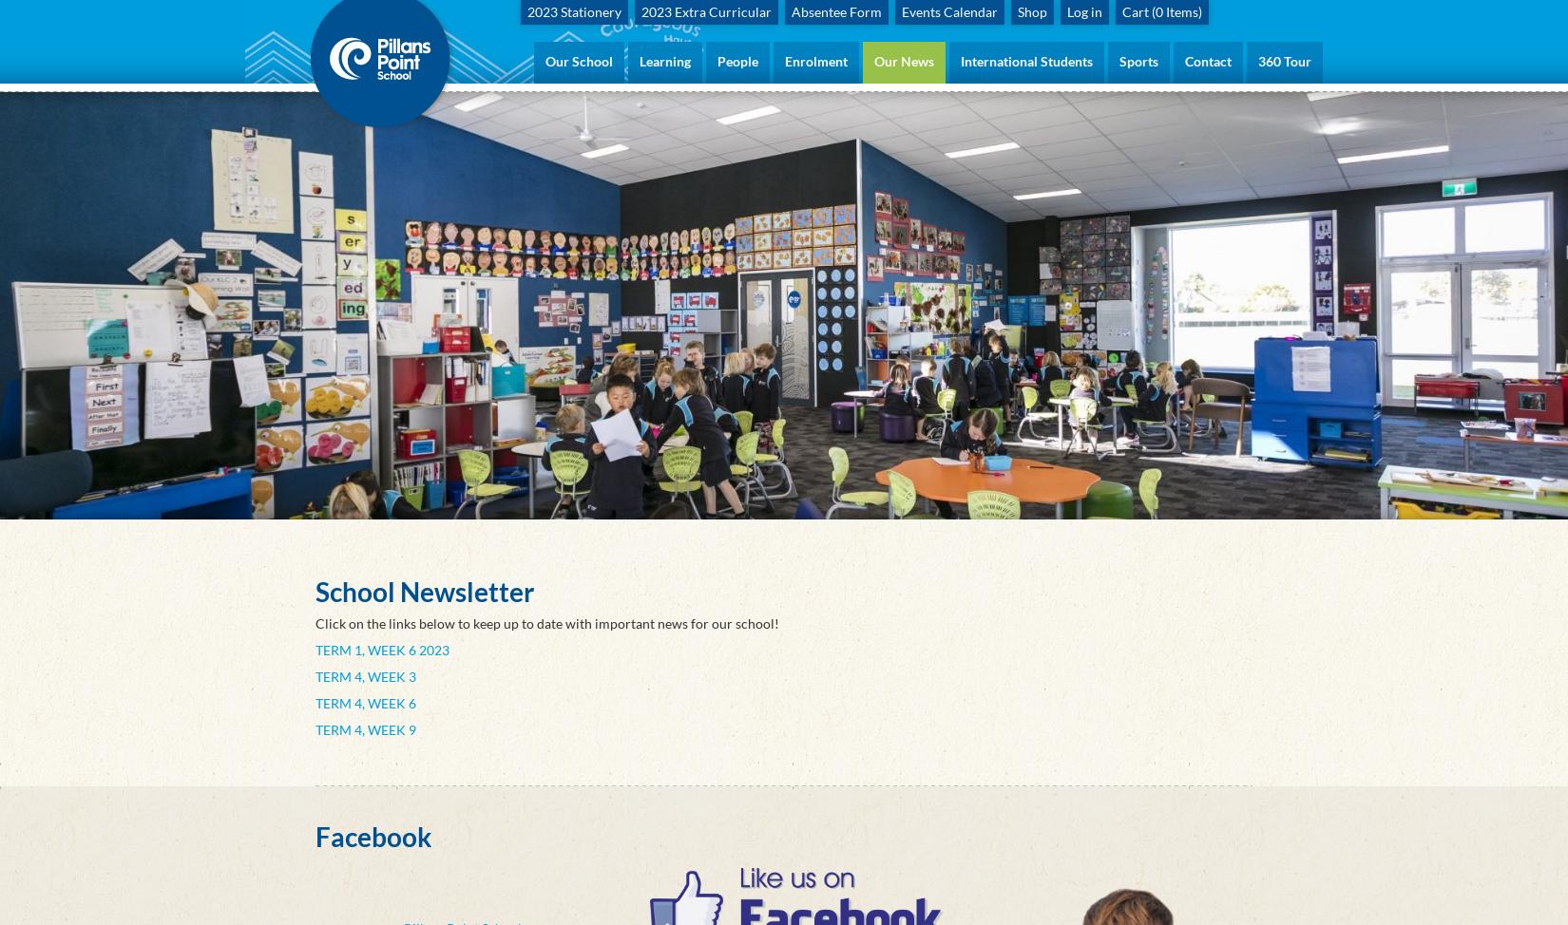 This screenshot has width=1568, height=925. What do you see at coordinates (1284, 61) in the screenshot?
I see `'360 Tour'` at bounding box center [1284, 61].